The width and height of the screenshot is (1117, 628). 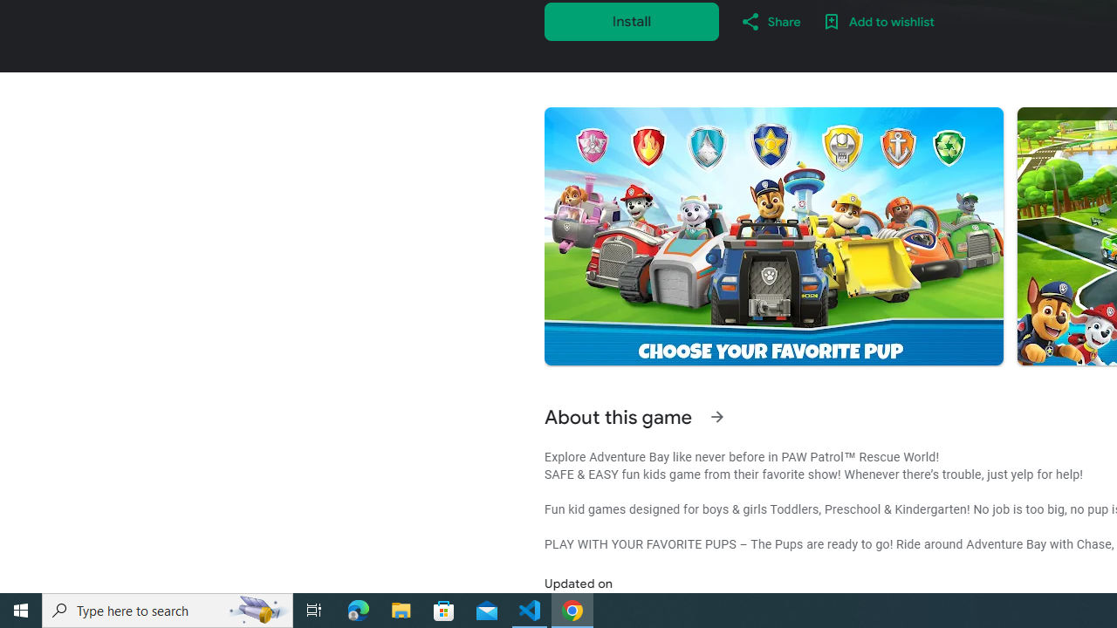 I want to click on 'Screenshot image', so click(x=772, y=236).